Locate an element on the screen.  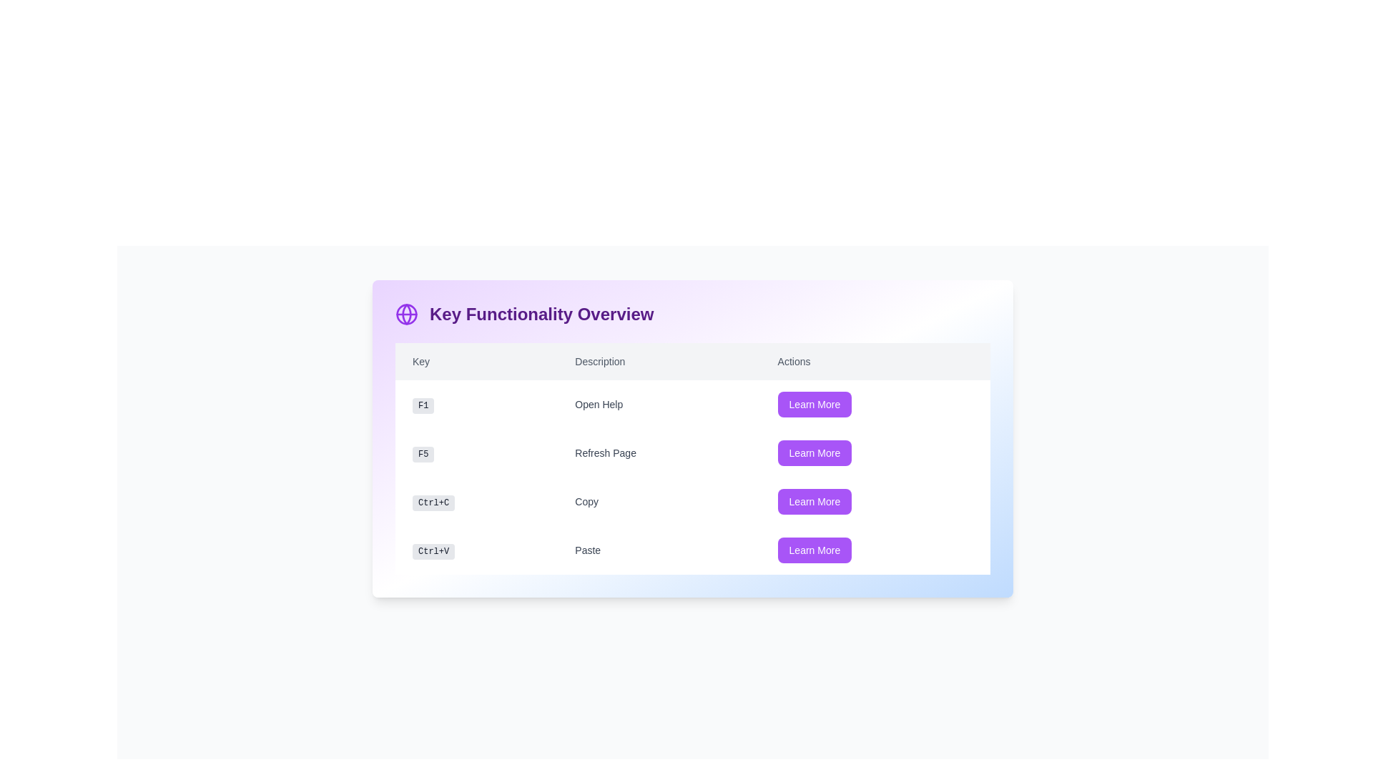
the third button in the 'Actions' column related to the 'Copy' action, which allows users is located at coordinates (815, 501).